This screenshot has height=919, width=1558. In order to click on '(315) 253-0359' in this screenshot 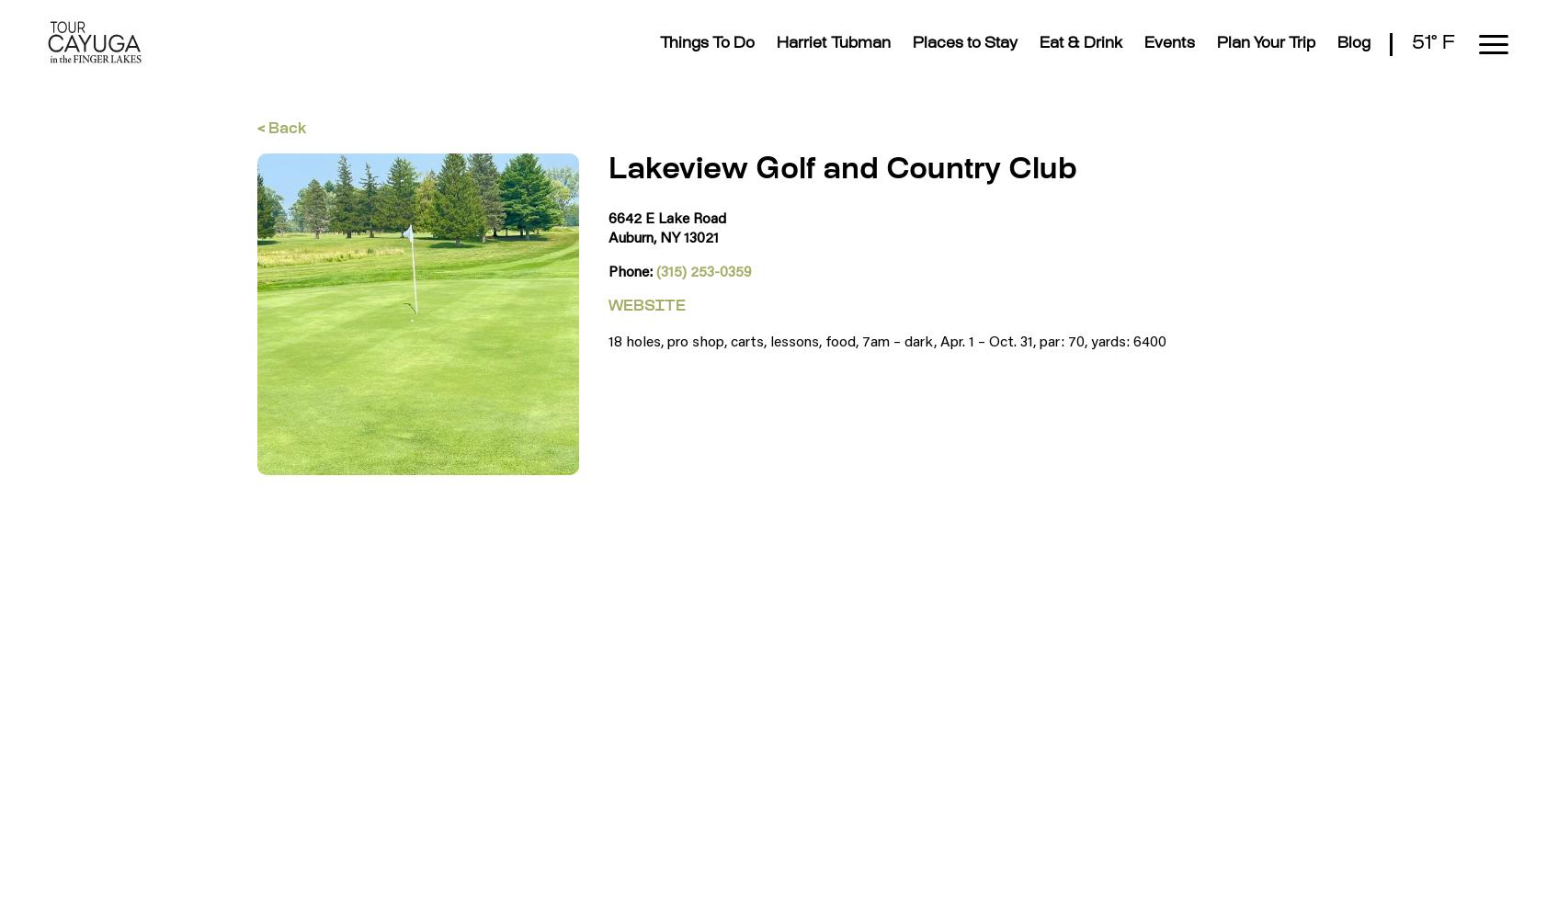, I will do `click(701, 270)`.